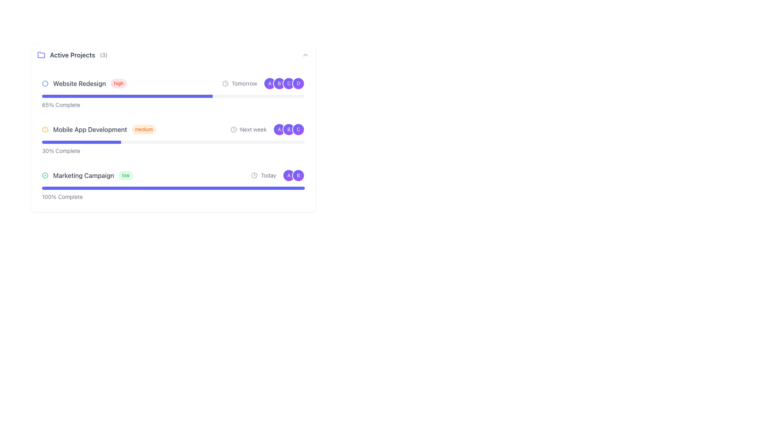  I want to click on the group of interactive icons including the star button, plus button, and ellipsis menu located on the right side of the '30% Complete' text, so click(290, 151).